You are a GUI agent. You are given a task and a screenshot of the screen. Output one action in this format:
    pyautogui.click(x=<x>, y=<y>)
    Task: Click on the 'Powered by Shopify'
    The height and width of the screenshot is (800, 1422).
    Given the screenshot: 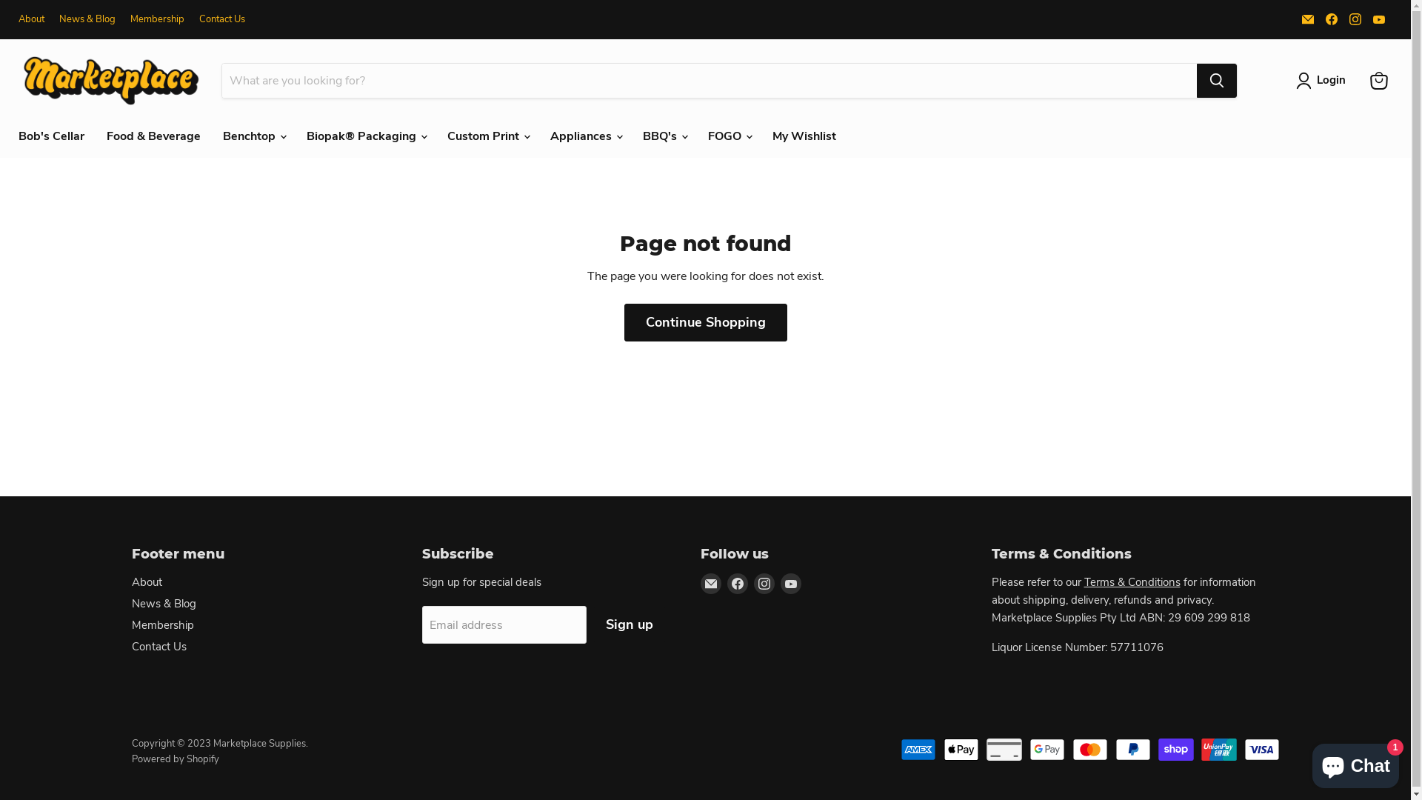 What is the action you would take?
    pyautogui.click(x=175, y=759)
    